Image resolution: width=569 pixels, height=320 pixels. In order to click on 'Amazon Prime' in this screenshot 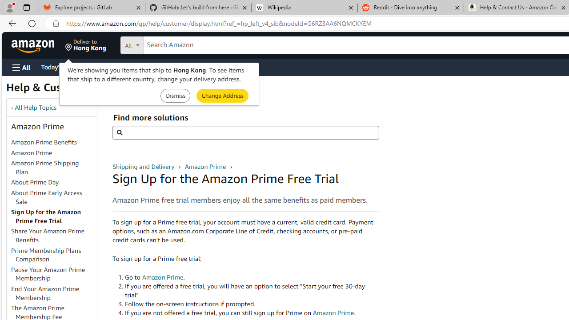, I will do `click(53, 152)`.